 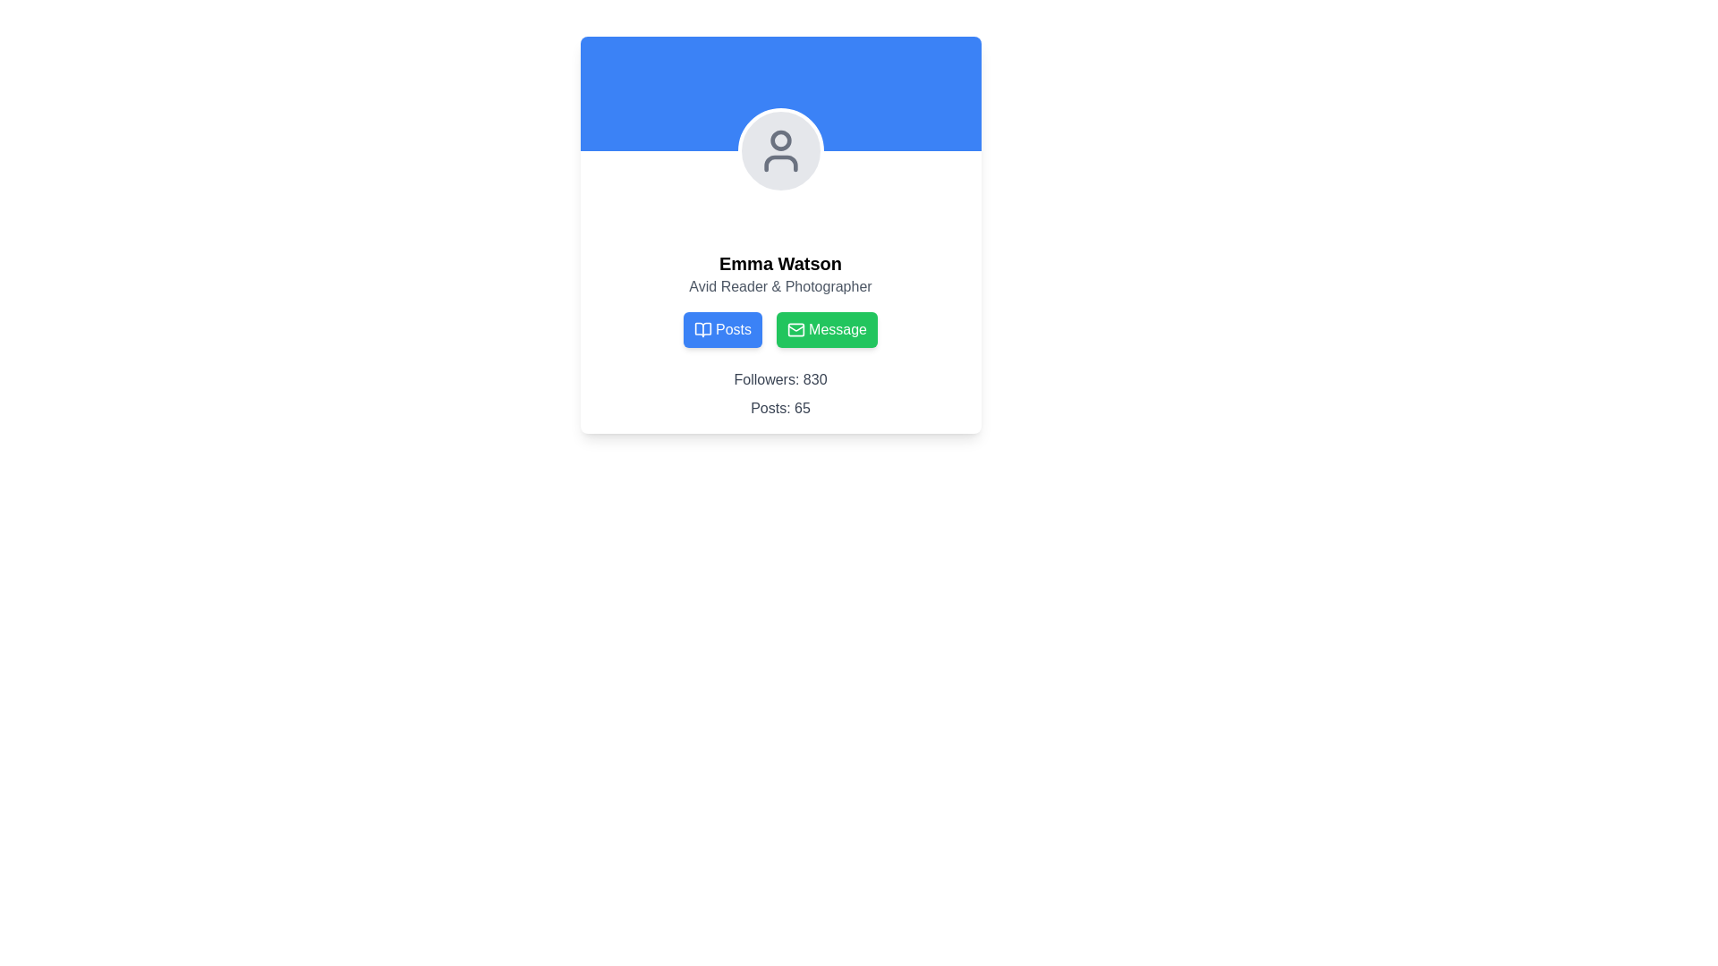 What do you see at coordinates (780, 263) in the screenshot?
I see `the text element displaying the name 'Emma Watson', which is located at the top-left-center of its profile card` at bounding box center [780, 263].